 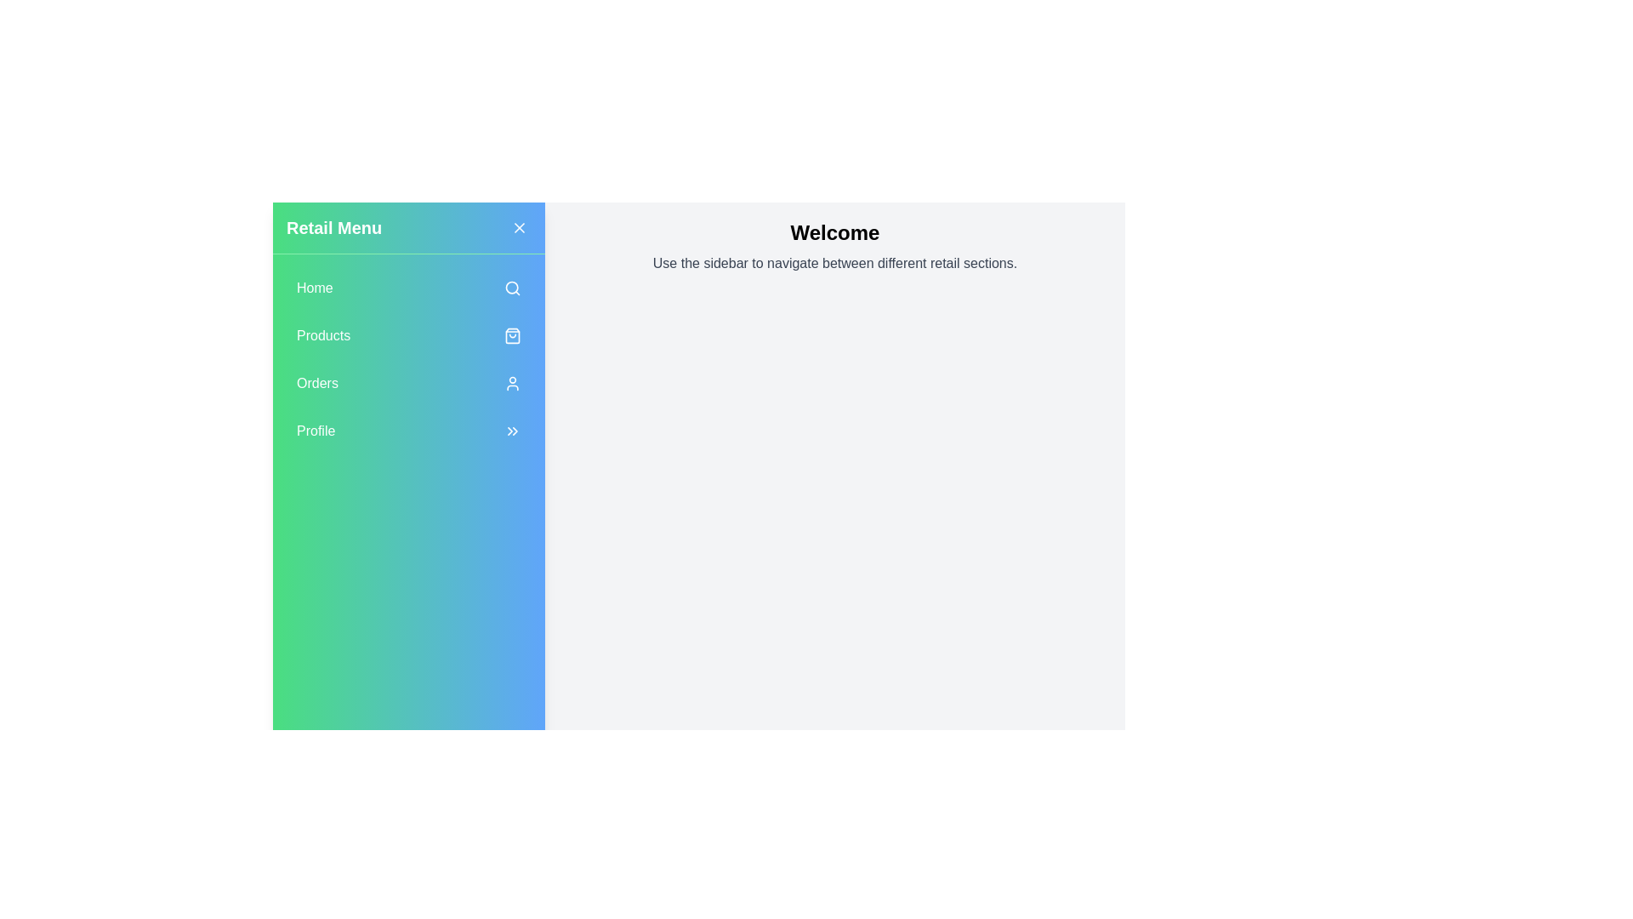 I want to click on the text element that reads 'Use the sidebar to navigate between different retail sections.' which is styled in a smaller, gray font and positioned below the heading 'Welcome', so click(x=835, y=263).